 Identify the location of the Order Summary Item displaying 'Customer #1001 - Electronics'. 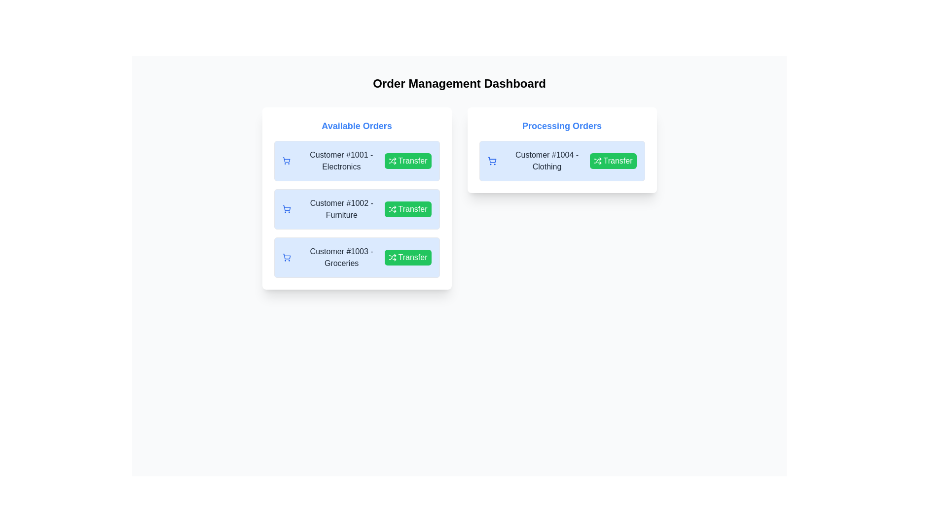
(356, 161).